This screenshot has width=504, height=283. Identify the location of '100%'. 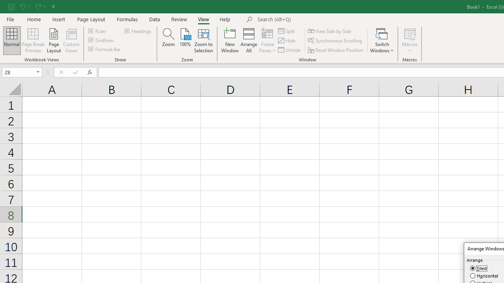
(185, 40).